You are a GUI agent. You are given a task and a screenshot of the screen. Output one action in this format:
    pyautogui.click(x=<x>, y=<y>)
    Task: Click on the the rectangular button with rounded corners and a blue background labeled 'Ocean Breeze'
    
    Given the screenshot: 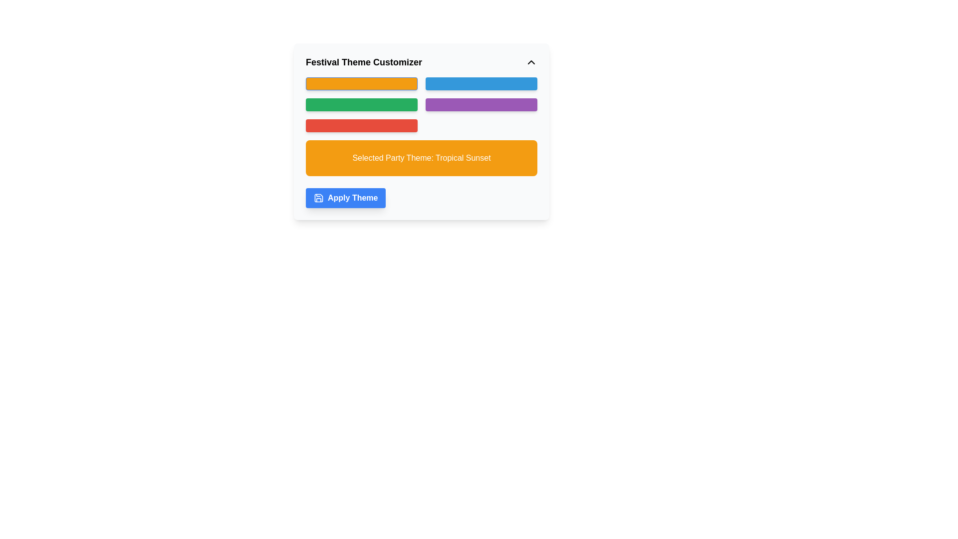 What is the action you would take?
    pyautogui.click(x=481, y=83)
    